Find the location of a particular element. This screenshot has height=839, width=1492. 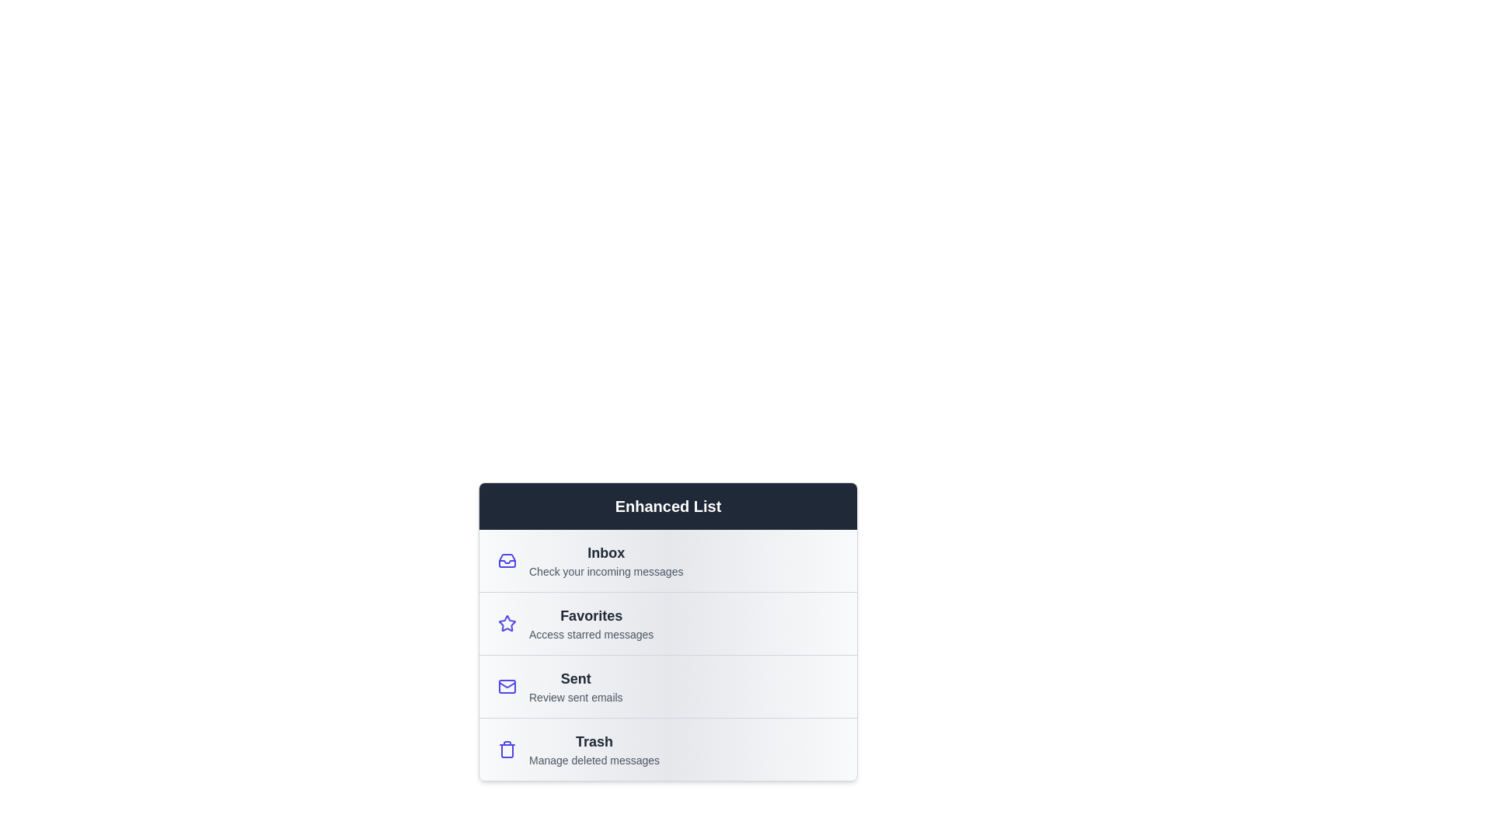

the 'Inbox' text label that indicates the title of the 'Inbox' section, which is located in the first row of the 'Enhanced List' and above the text 'Check your incoming messages' is located at coordinates (605, 552).